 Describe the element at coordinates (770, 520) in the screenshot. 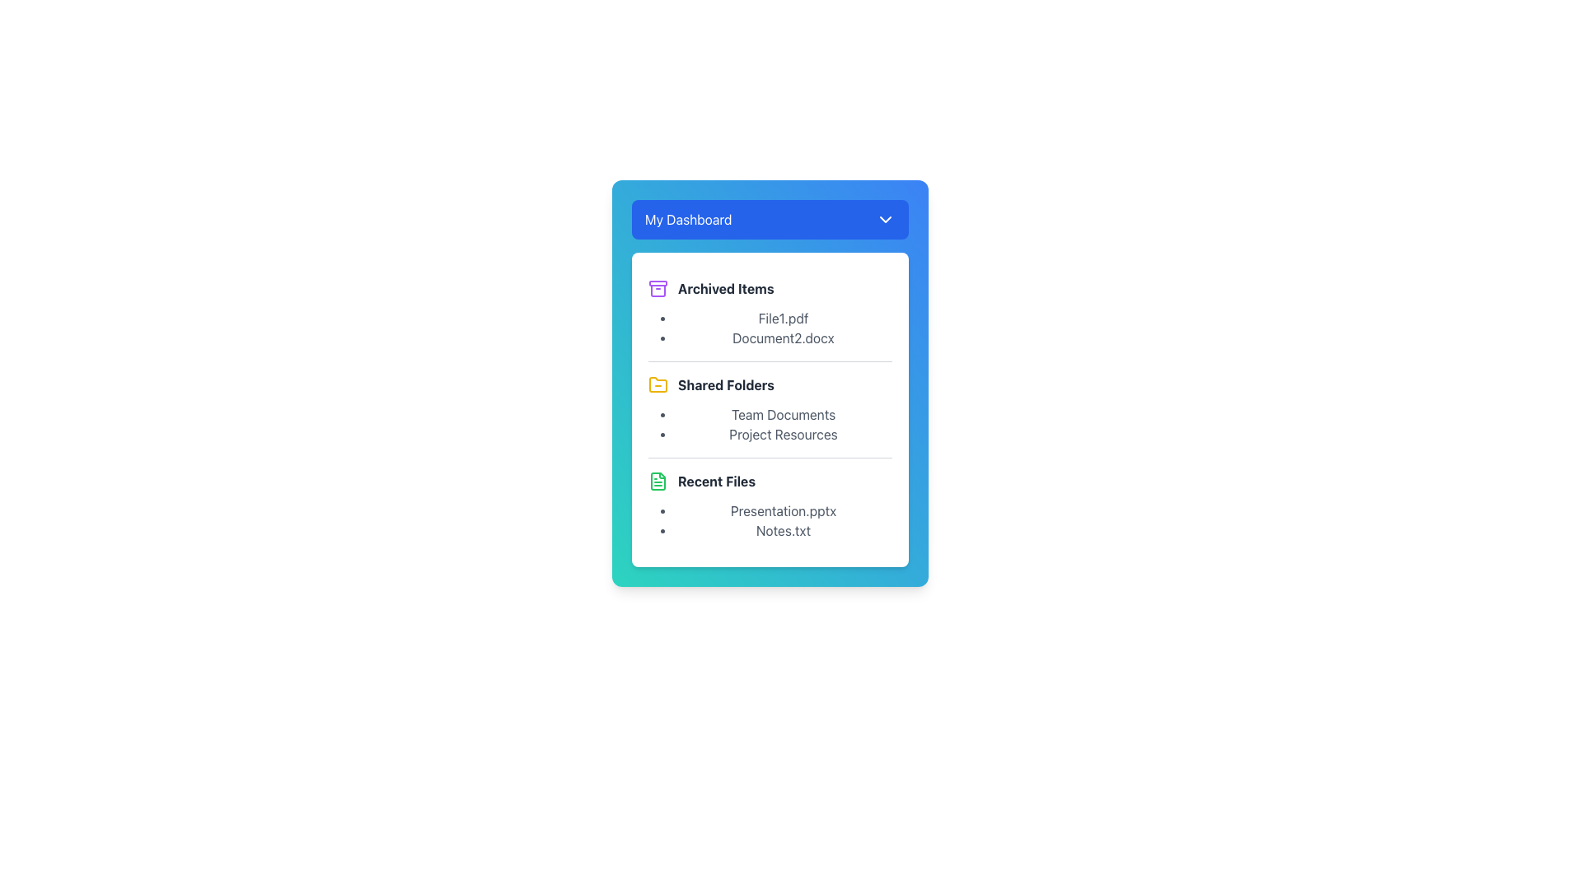

I see `the last list item displaying 'Notes.txt'` at that location.